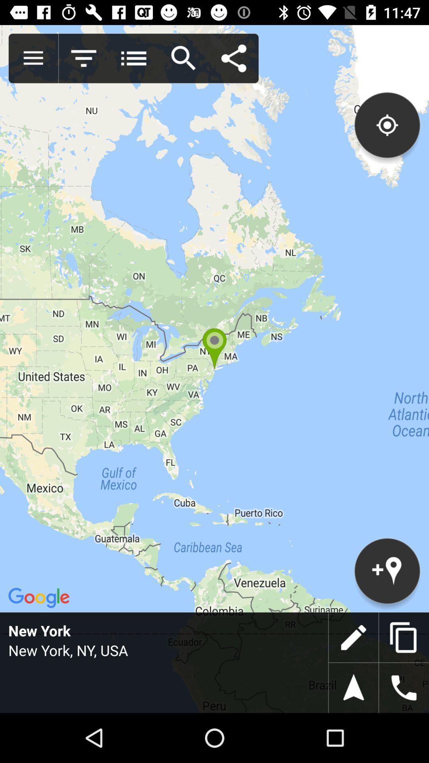 The height and width of the screenshot is (763, 429). Describe the element at coordinates (184, 58) in the screenshot. I see `search` at that location.